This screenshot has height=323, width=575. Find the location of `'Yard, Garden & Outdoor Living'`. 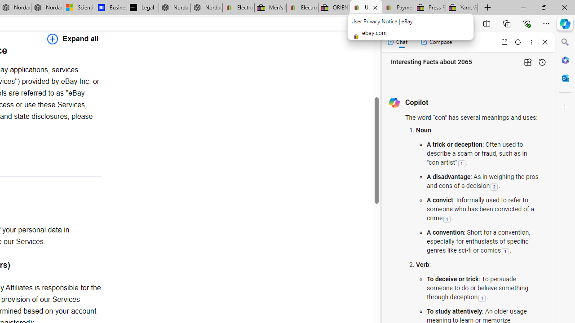

'Yard, Garden & Outdoor Living' is located at coordinates (462, 8).